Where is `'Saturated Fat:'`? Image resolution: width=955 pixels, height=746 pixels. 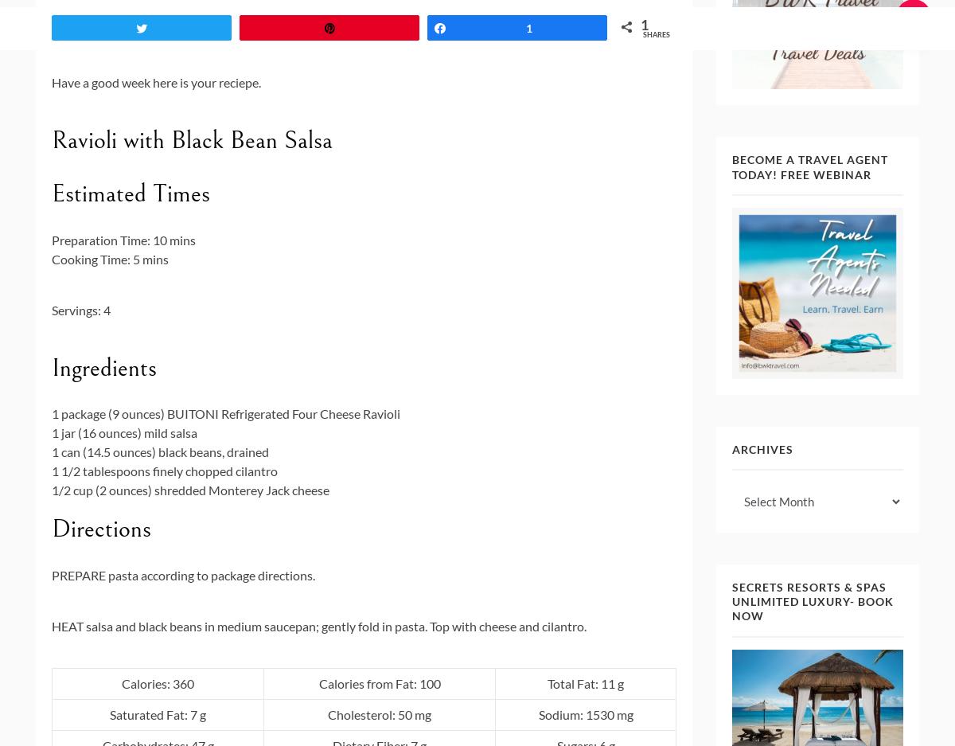 'Saturated Fat:' is located at coordinates (110, 713).